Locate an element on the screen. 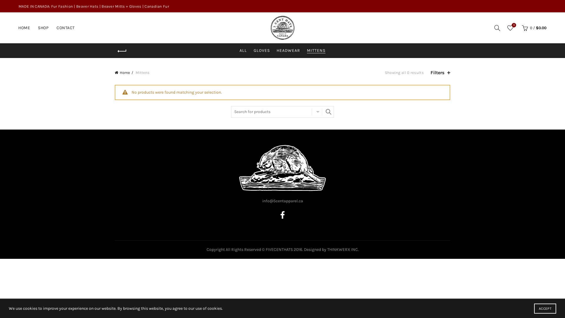 This screenshot has height=318, width=565. 'GLOVES' is located at coordinates (250, 50).